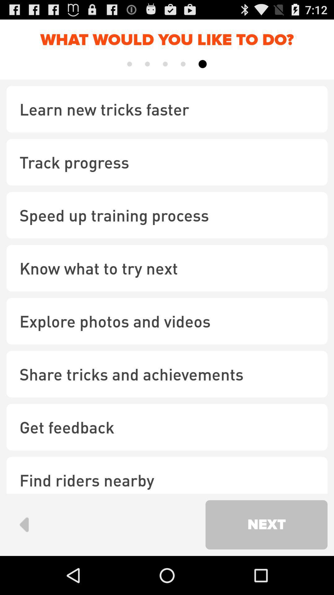 The height and width of the screenshot is (595, 334). What do you see at coordinates (167, 475) in the screenshot?
I see `icon above next icon` at bounding box center [167, 475].